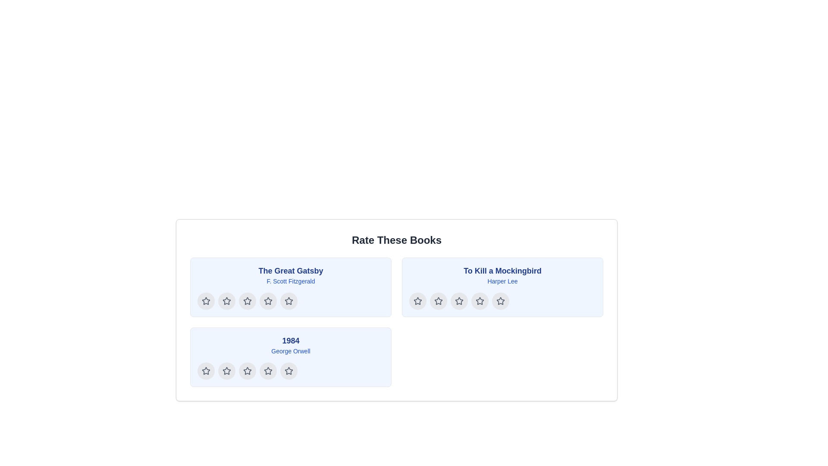 This screenshot has width=828, height=466. Describe the element at coordinates (227, 370) in the screenshot. I see `the first hollow star icon used for rating located below the title '1984' by George Orwell` at that location.